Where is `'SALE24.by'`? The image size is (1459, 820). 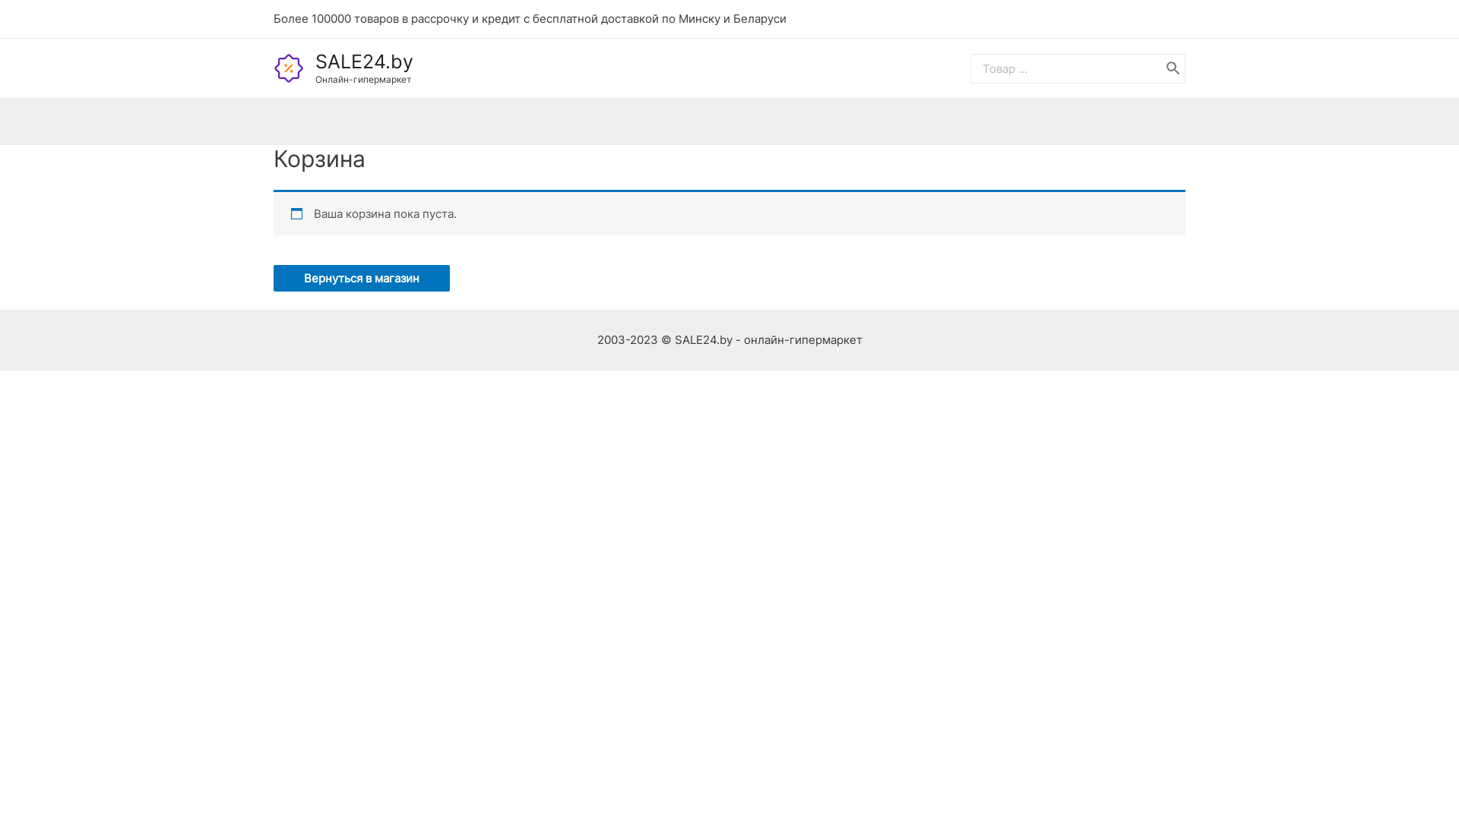 'SALE24.by' is located at coordinates (363, 61).